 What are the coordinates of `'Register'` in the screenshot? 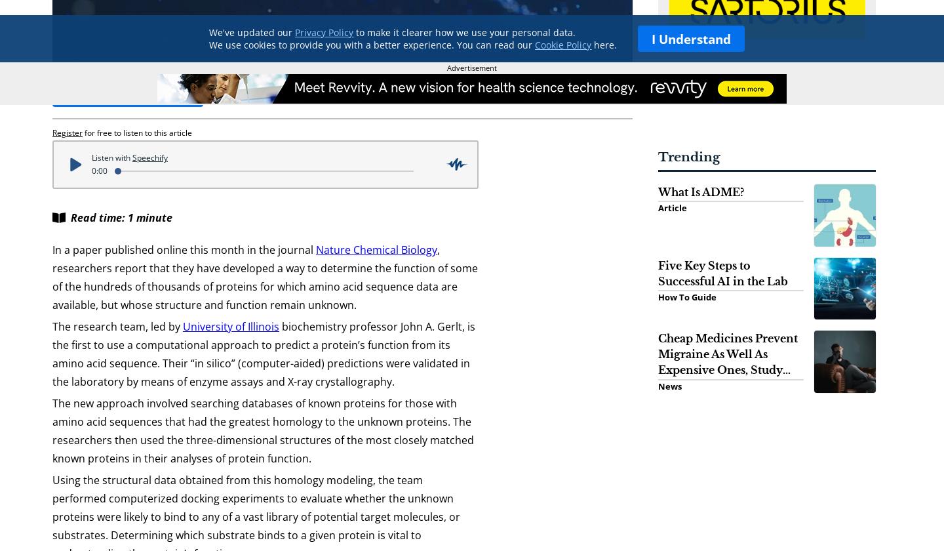 It's located at (52, 132).